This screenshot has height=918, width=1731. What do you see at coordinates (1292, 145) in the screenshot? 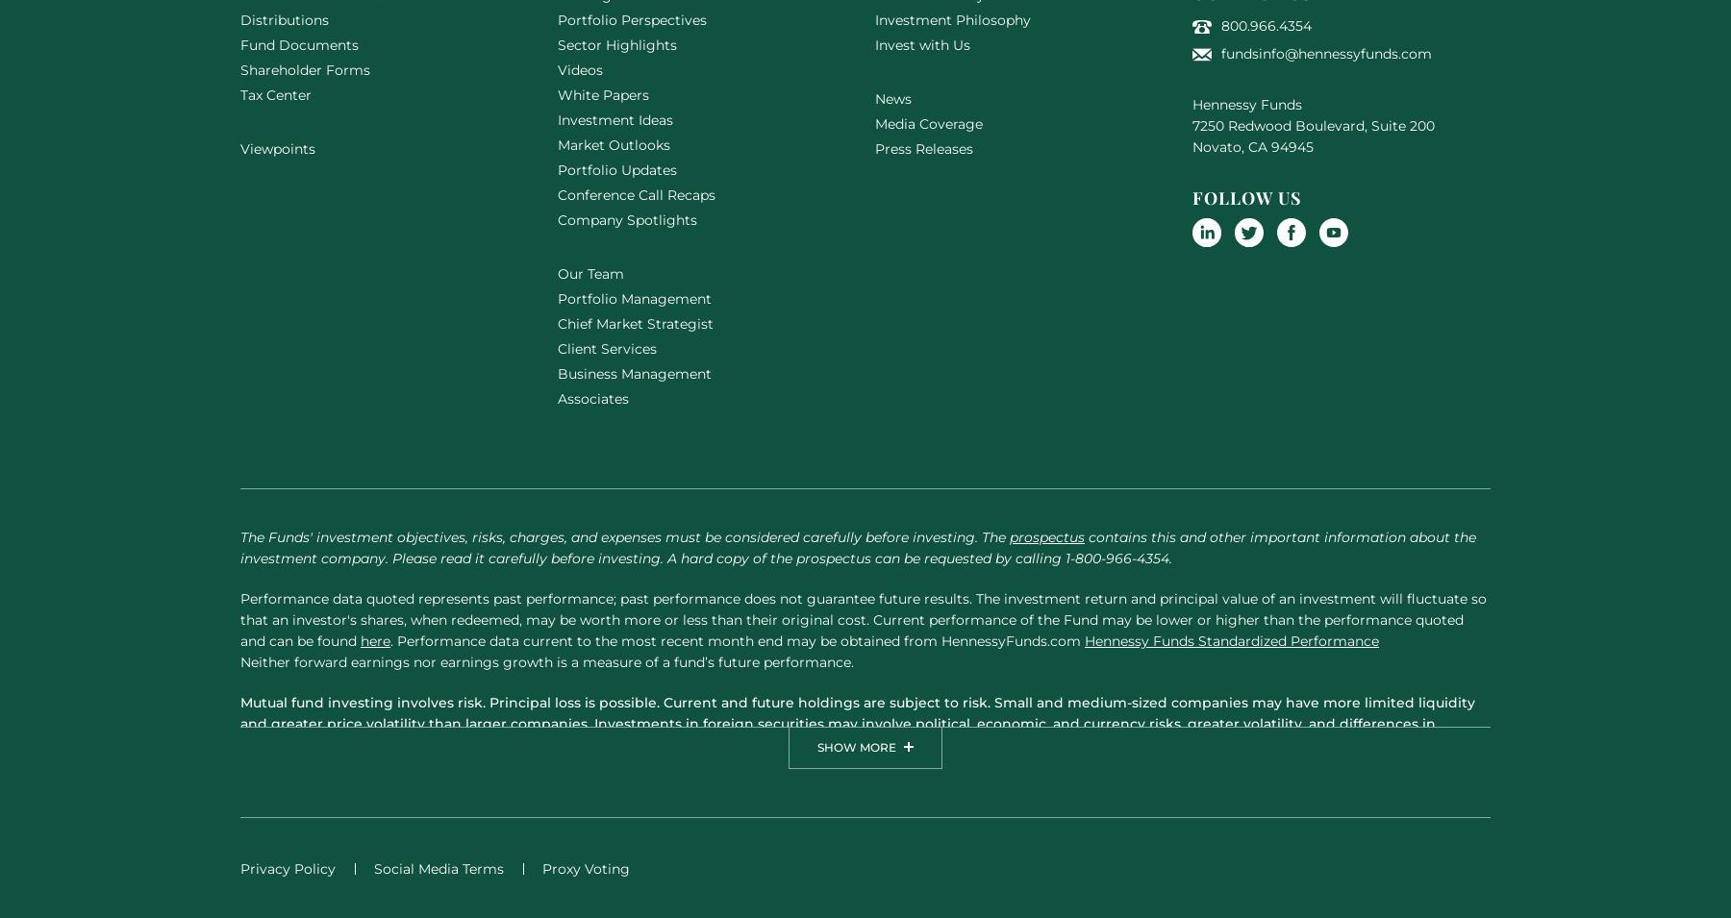
I see `'94945'` at bounding box center [1292, 145].